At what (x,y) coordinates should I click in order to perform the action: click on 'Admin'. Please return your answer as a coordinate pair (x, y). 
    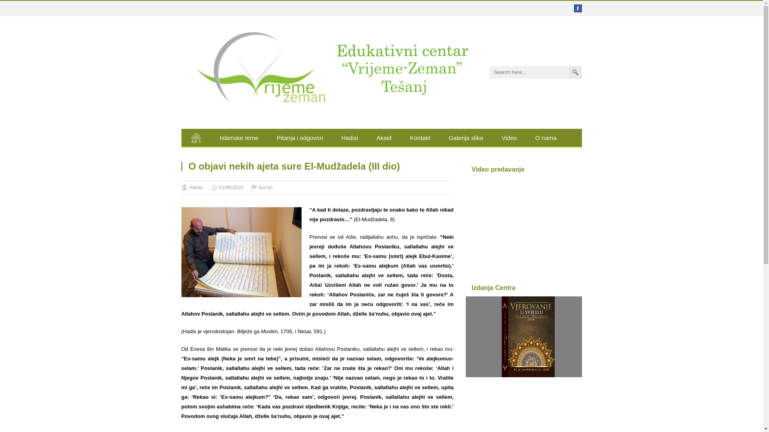
    Looking at the image, I should click on (196, 188).